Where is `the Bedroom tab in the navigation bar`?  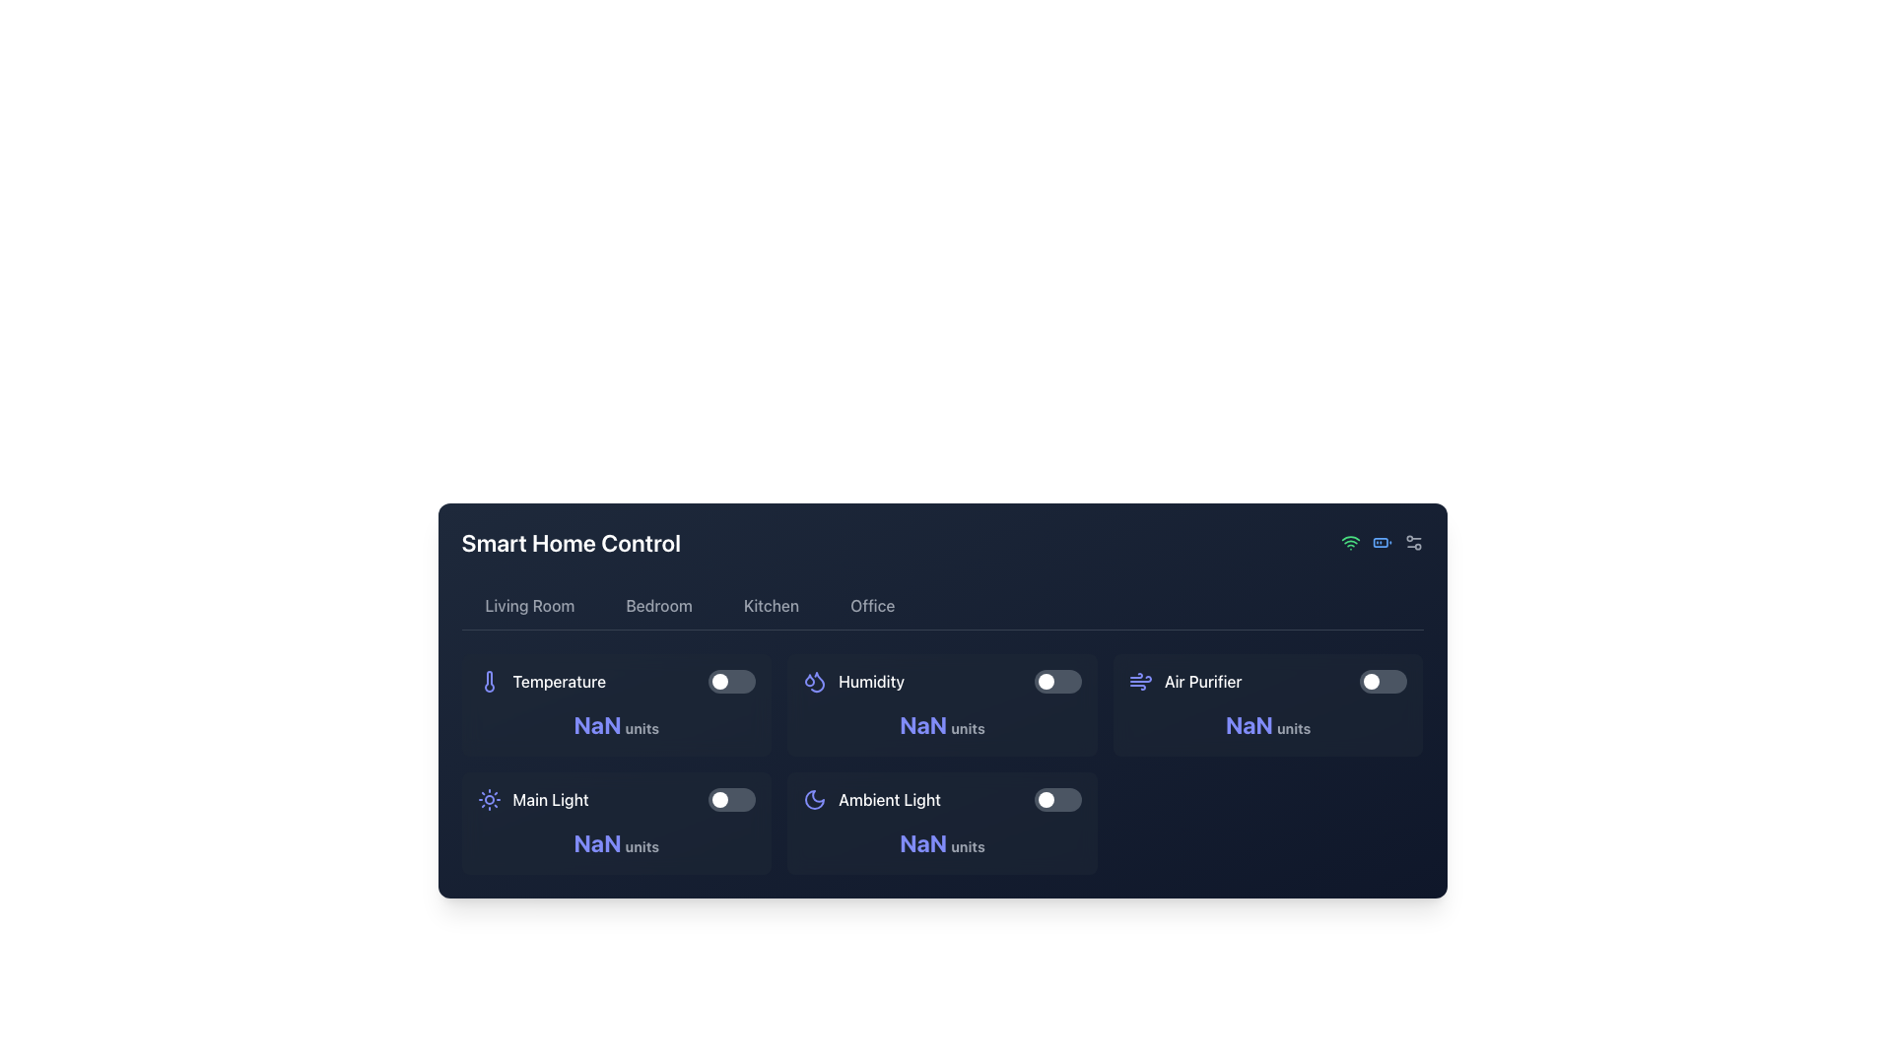
the Bedroom tab in the navigation bar is located at coordinates (659, 604).